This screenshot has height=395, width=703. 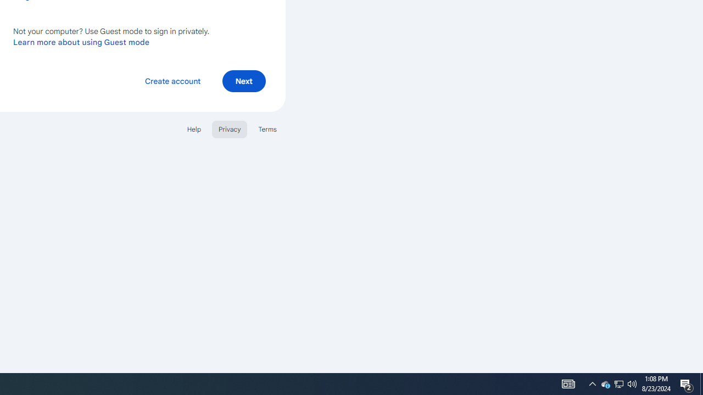 I want to click on 'Help', so click(x=193, y=128).